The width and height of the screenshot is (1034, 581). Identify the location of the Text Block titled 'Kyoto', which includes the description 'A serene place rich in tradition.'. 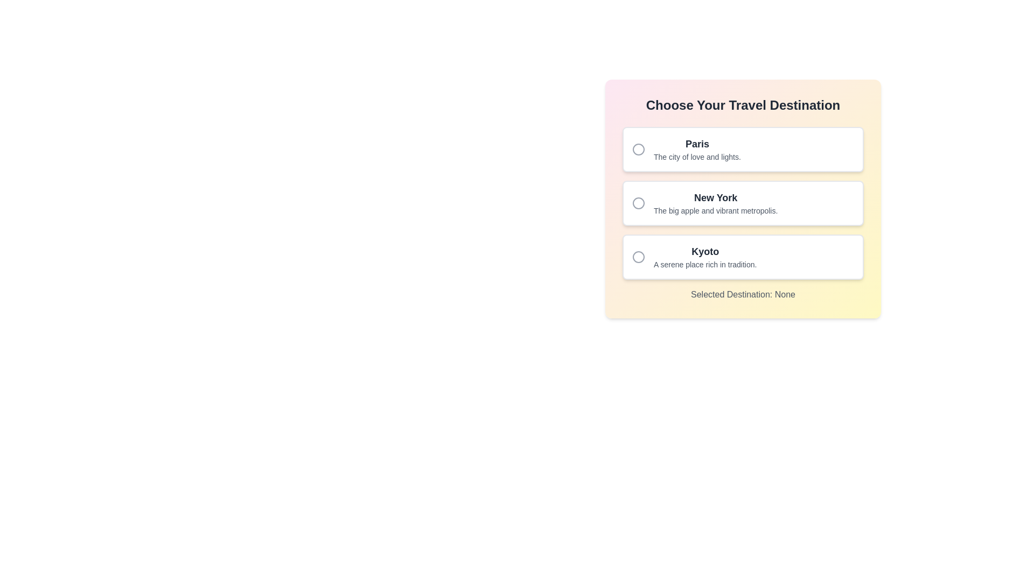
(705, 257).